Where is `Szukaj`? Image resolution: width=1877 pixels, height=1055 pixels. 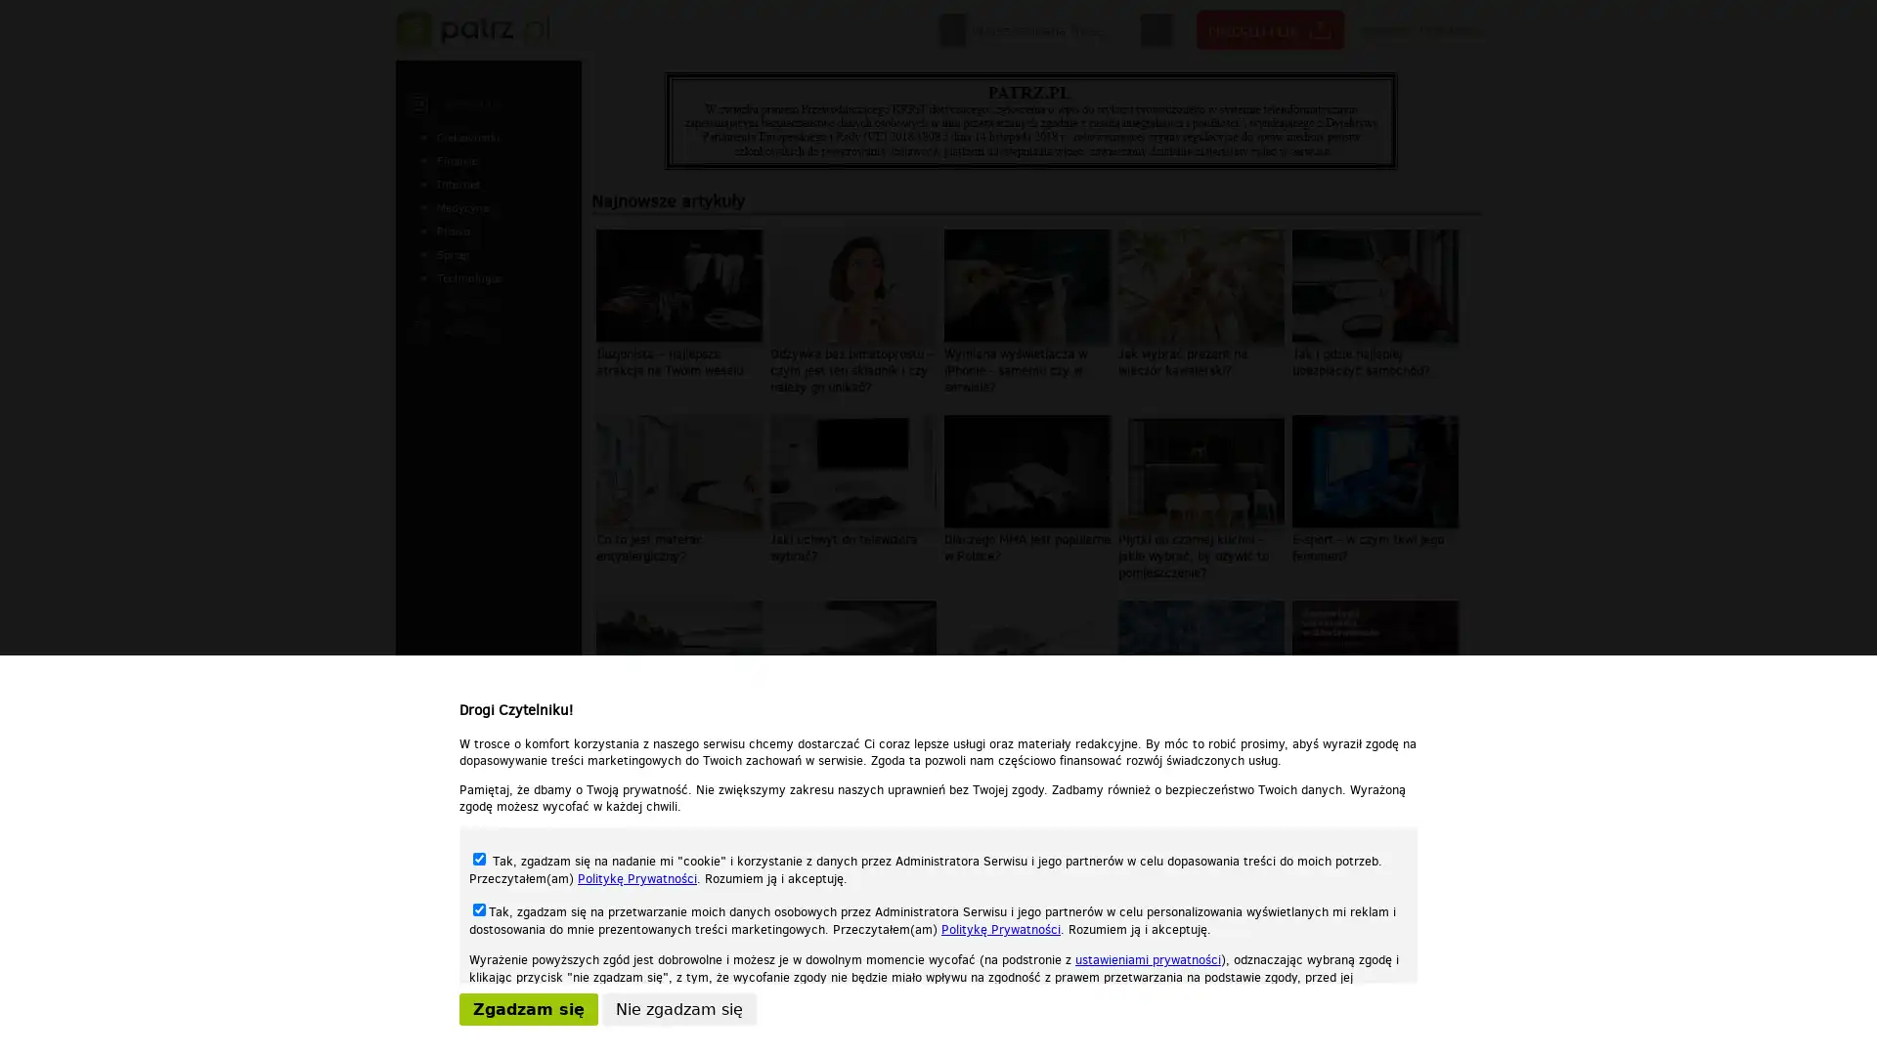
Szukaj is located at coordinates (1157, 30).